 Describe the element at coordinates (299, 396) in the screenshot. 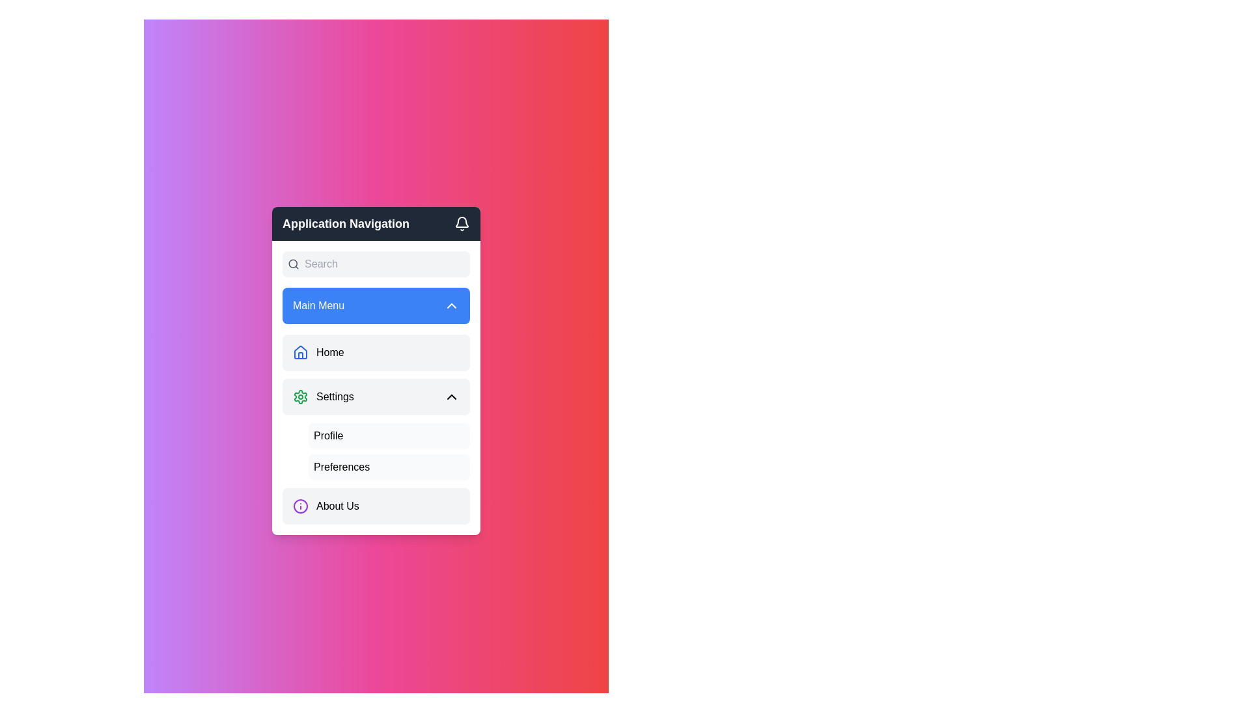

I see `the graphical icon representing the settings functionality within the SVG, located to the left of the 'Settings' text button in the menu list` at that location.